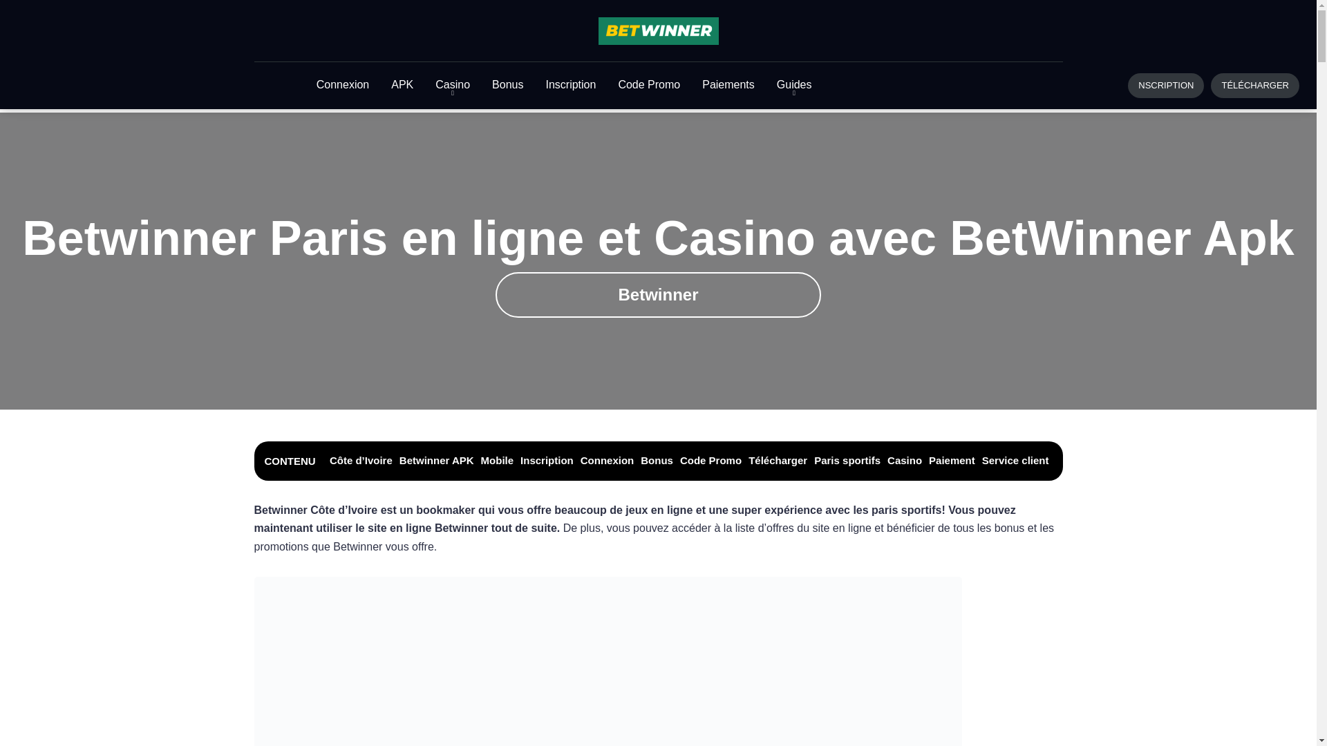  Describe the element at coordinates (846, 460) in the screenshot. I see `'Paris sportifs'` at that location.